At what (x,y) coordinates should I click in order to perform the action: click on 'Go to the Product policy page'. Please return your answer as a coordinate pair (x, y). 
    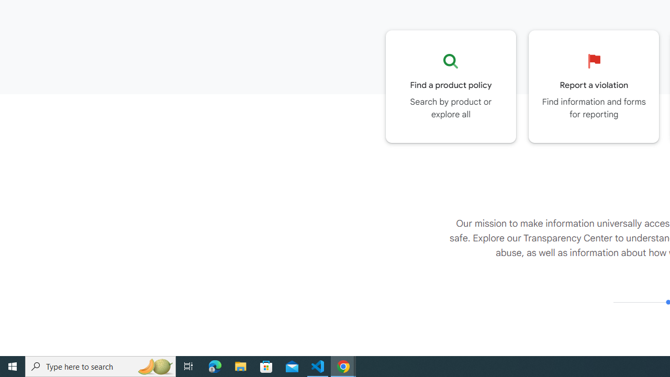
    Looking at the image, I should click on (451, 86).